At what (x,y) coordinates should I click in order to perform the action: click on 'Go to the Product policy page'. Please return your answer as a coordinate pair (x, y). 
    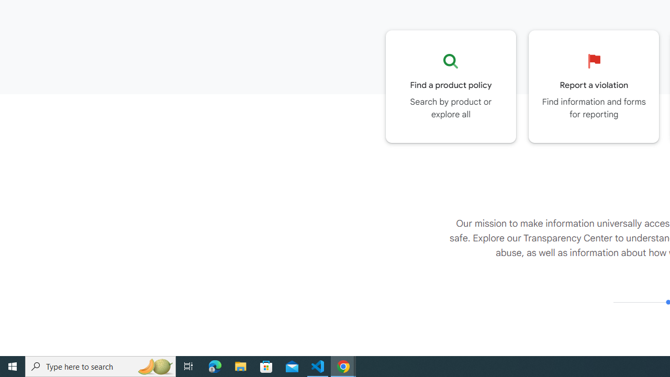
    Looking at the image, I should click on (451, 86).